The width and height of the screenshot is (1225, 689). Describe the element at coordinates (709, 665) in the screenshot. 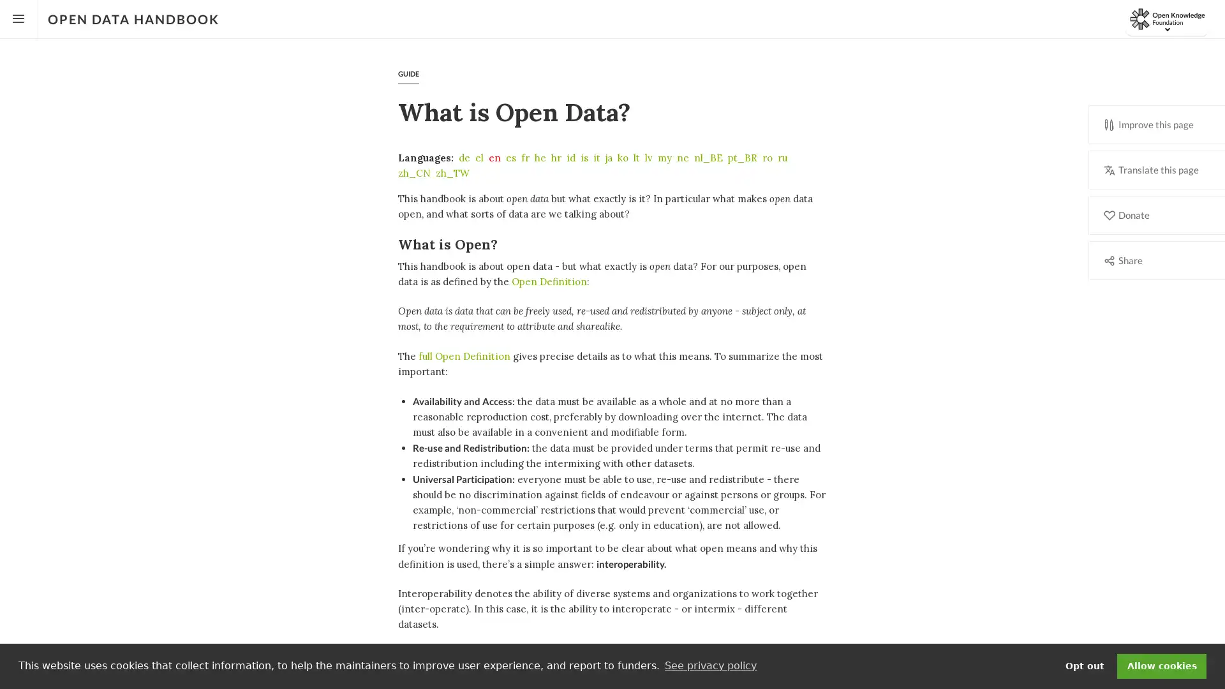

I see `learn more about cookies` at that location.